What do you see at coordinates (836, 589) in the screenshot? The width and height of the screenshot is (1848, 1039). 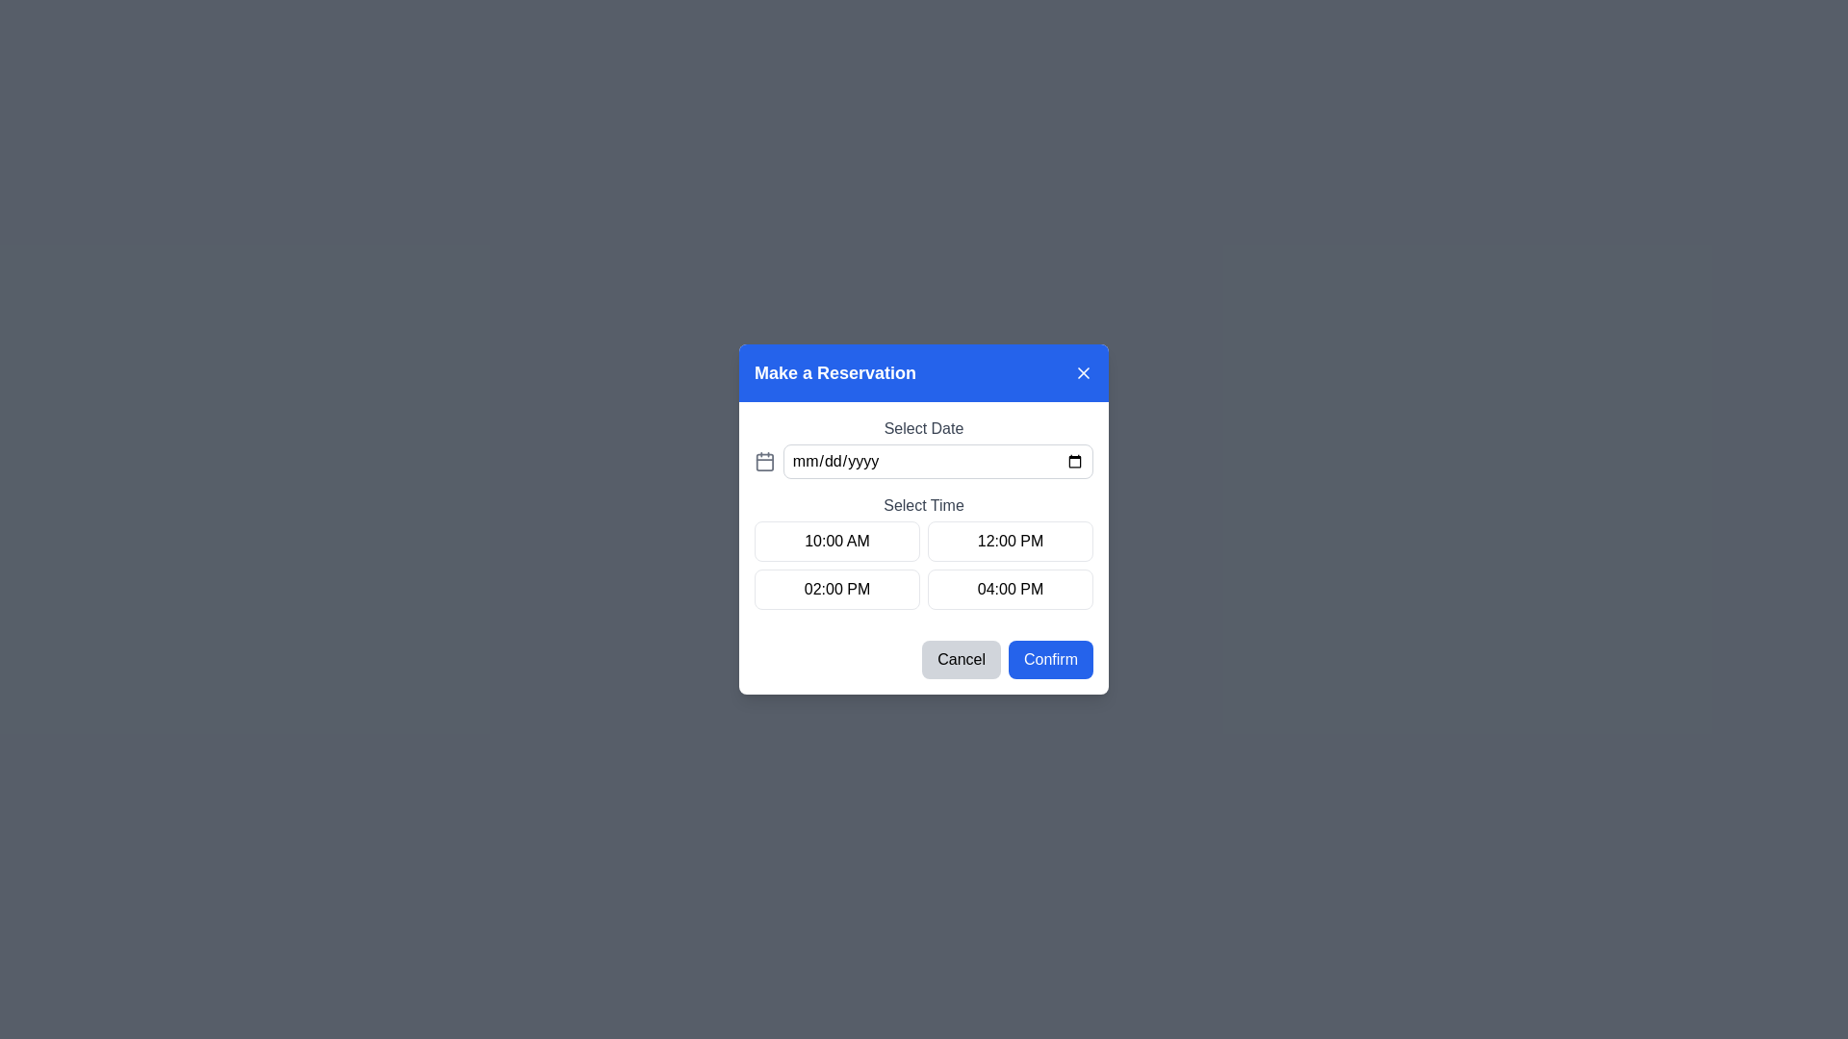 I see `the button` at bounding box center [836, 589].